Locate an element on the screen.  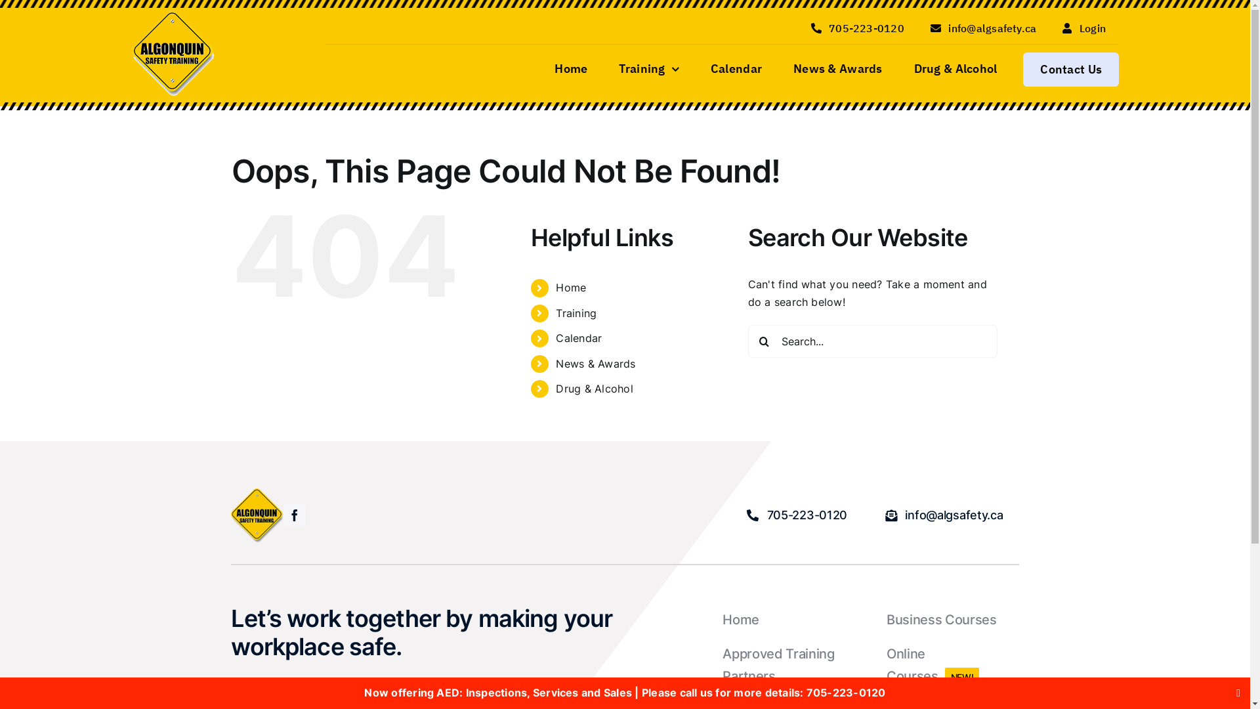
'Contact Us' is located at coordinates (1071, 69).